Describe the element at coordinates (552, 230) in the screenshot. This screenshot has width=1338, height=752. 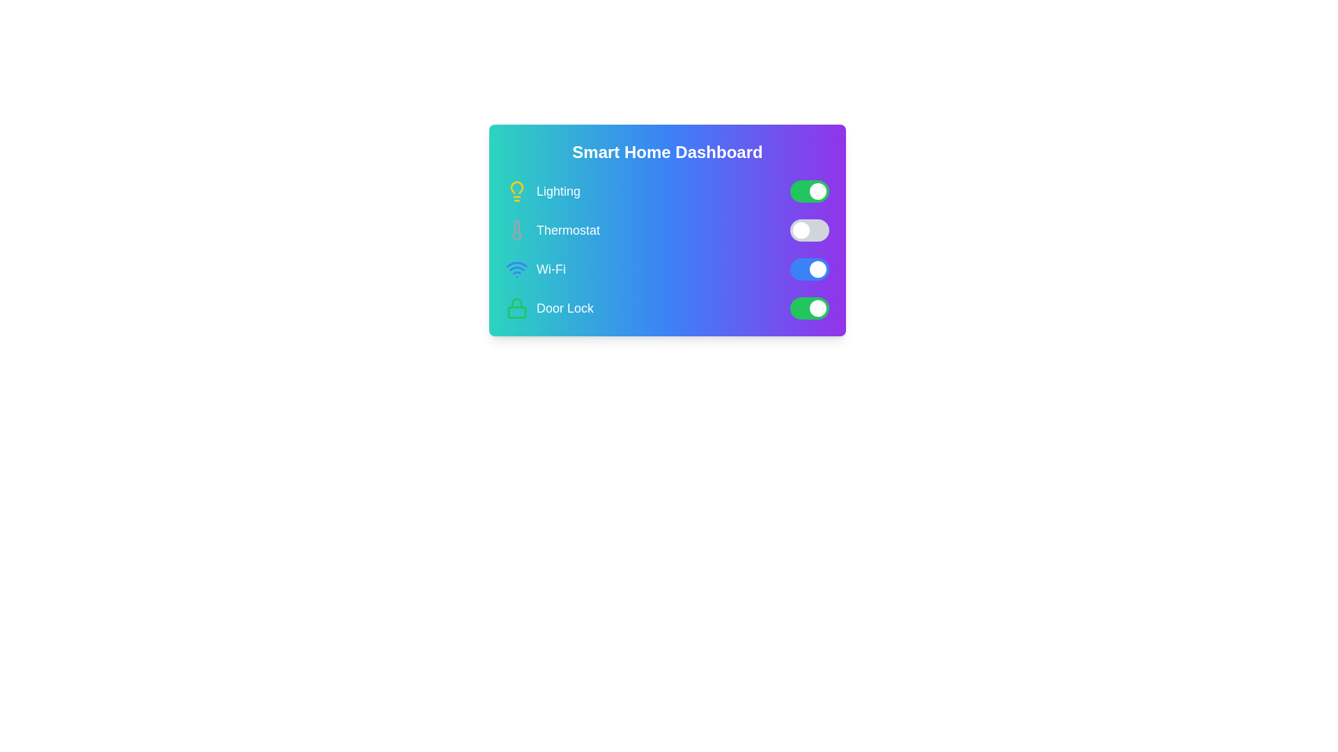
I see `the 'Thermostat' label with an icon, which features a gray thermometer icon followed by the text 'Thermostat' in bold, large font, located in the second row of the Smart Home Dashboard interface` at that location.